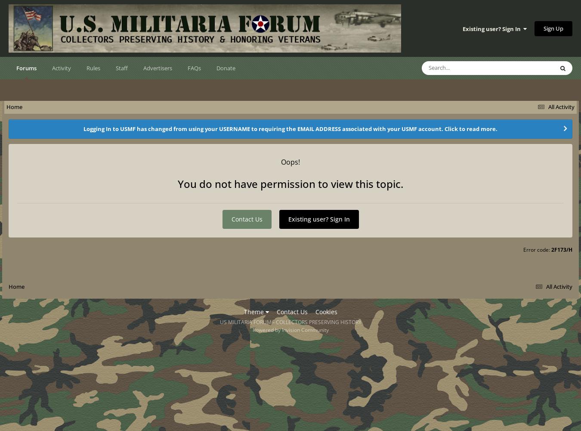 The width and height of the screenshot is (581, 431). Describe the element at coordinates (290, 322) in the screenshot. I see `'US MILITARIA FORUM - COLLECTORS PRESERVING HISTORY'` at that location.